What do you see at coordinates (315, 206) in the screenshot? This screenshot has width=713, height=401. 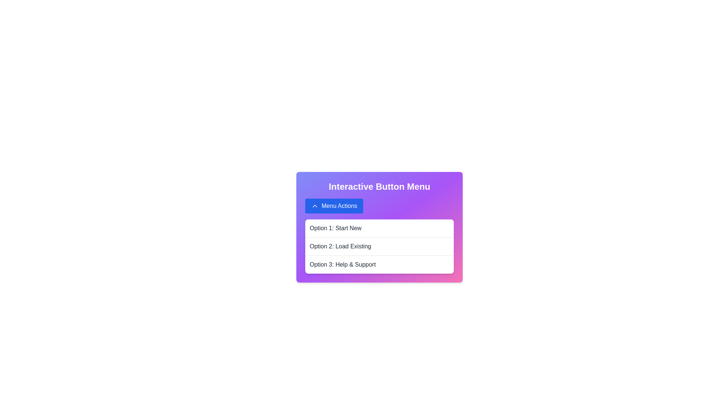 I see `the upward arrow icon located within the 'Menu Actions' blue button` at bounding box center [315, 206].